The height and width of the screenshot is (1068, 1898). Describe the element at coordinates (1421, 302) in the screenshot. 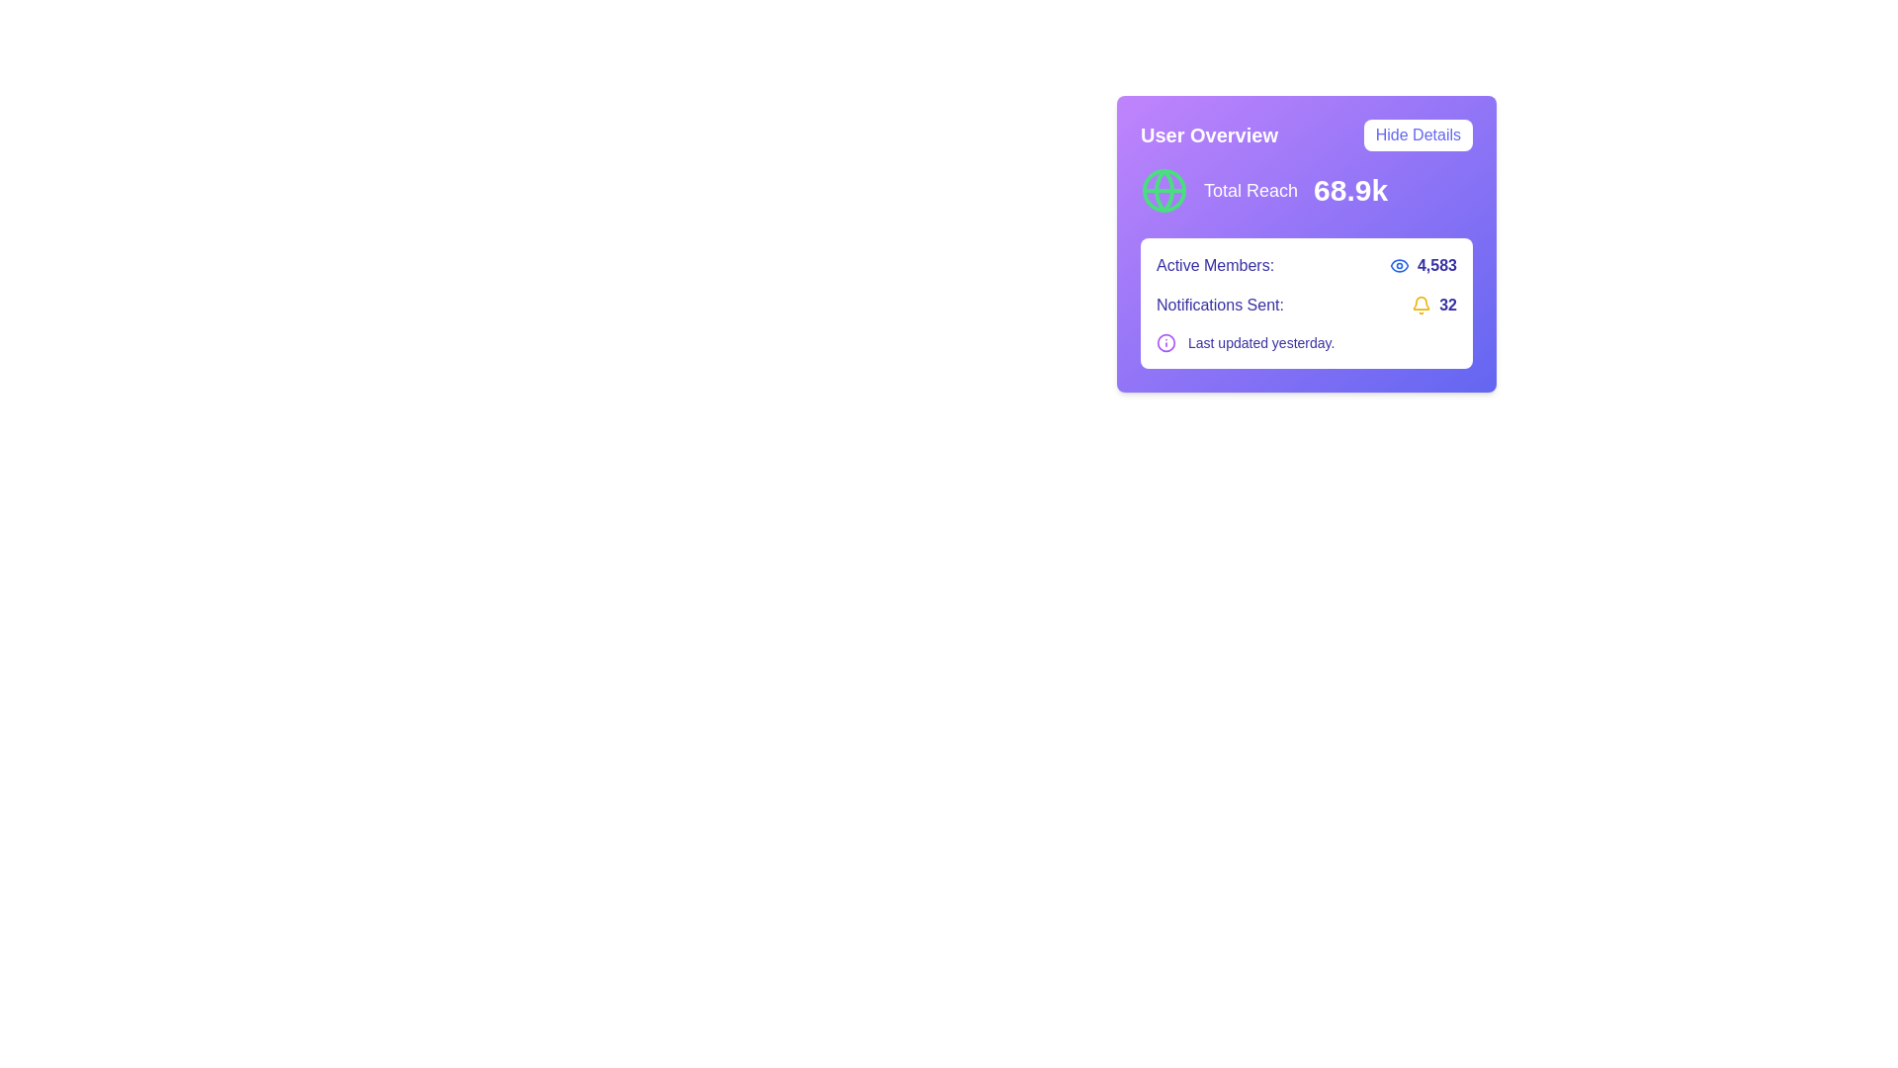

I see `the lower curve of the yellow notification bell icon located at the top-right corner of the 'User Overview' card if it is interactive` at that location.